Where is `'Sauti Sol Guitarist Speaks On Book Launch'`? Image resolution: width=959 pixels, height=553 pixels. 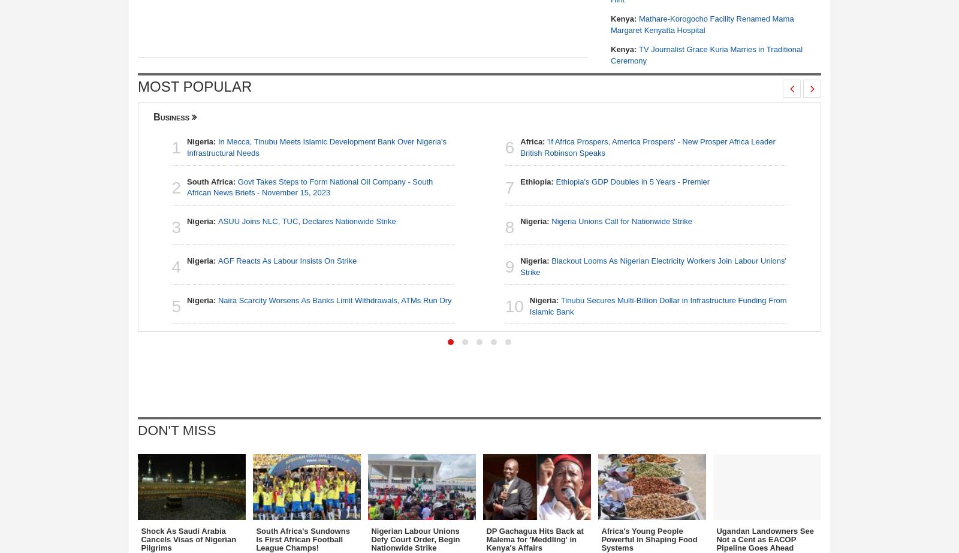
'Sauti Sol Guitarist Speaks On Book Launch' is located at coordinates (714, 333).